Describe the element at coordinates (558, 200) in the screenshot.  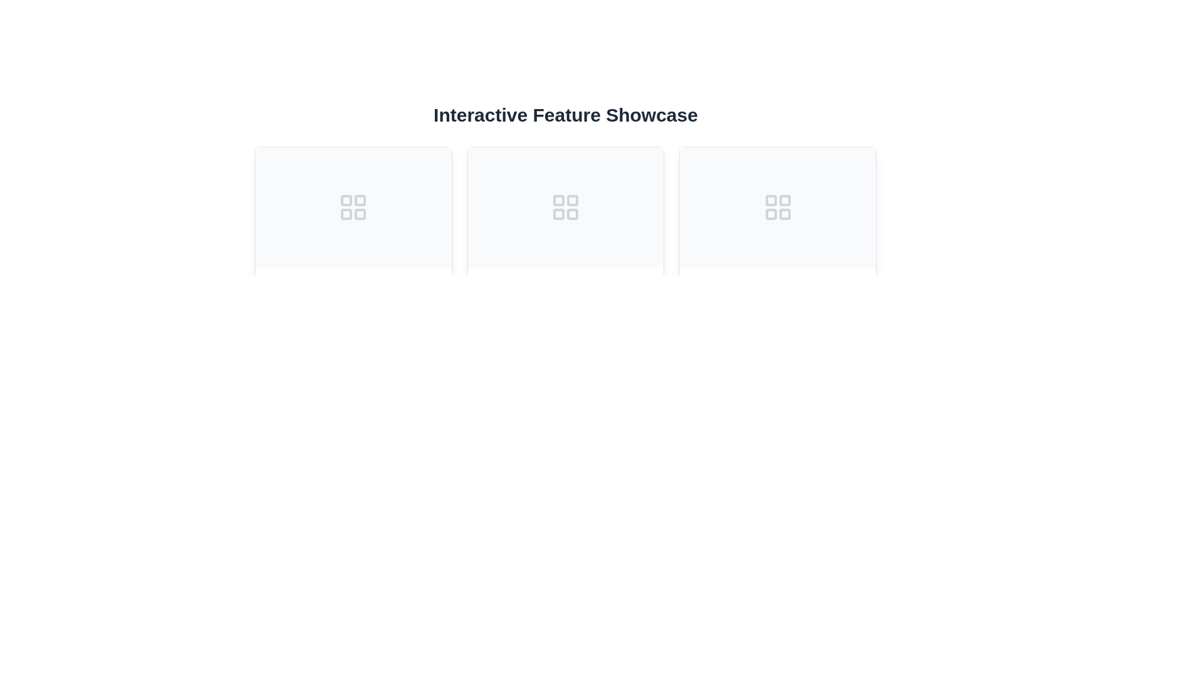
I see `the top-left square of the grid icon within the 'Interactive Feature Showcase' card` at that location.